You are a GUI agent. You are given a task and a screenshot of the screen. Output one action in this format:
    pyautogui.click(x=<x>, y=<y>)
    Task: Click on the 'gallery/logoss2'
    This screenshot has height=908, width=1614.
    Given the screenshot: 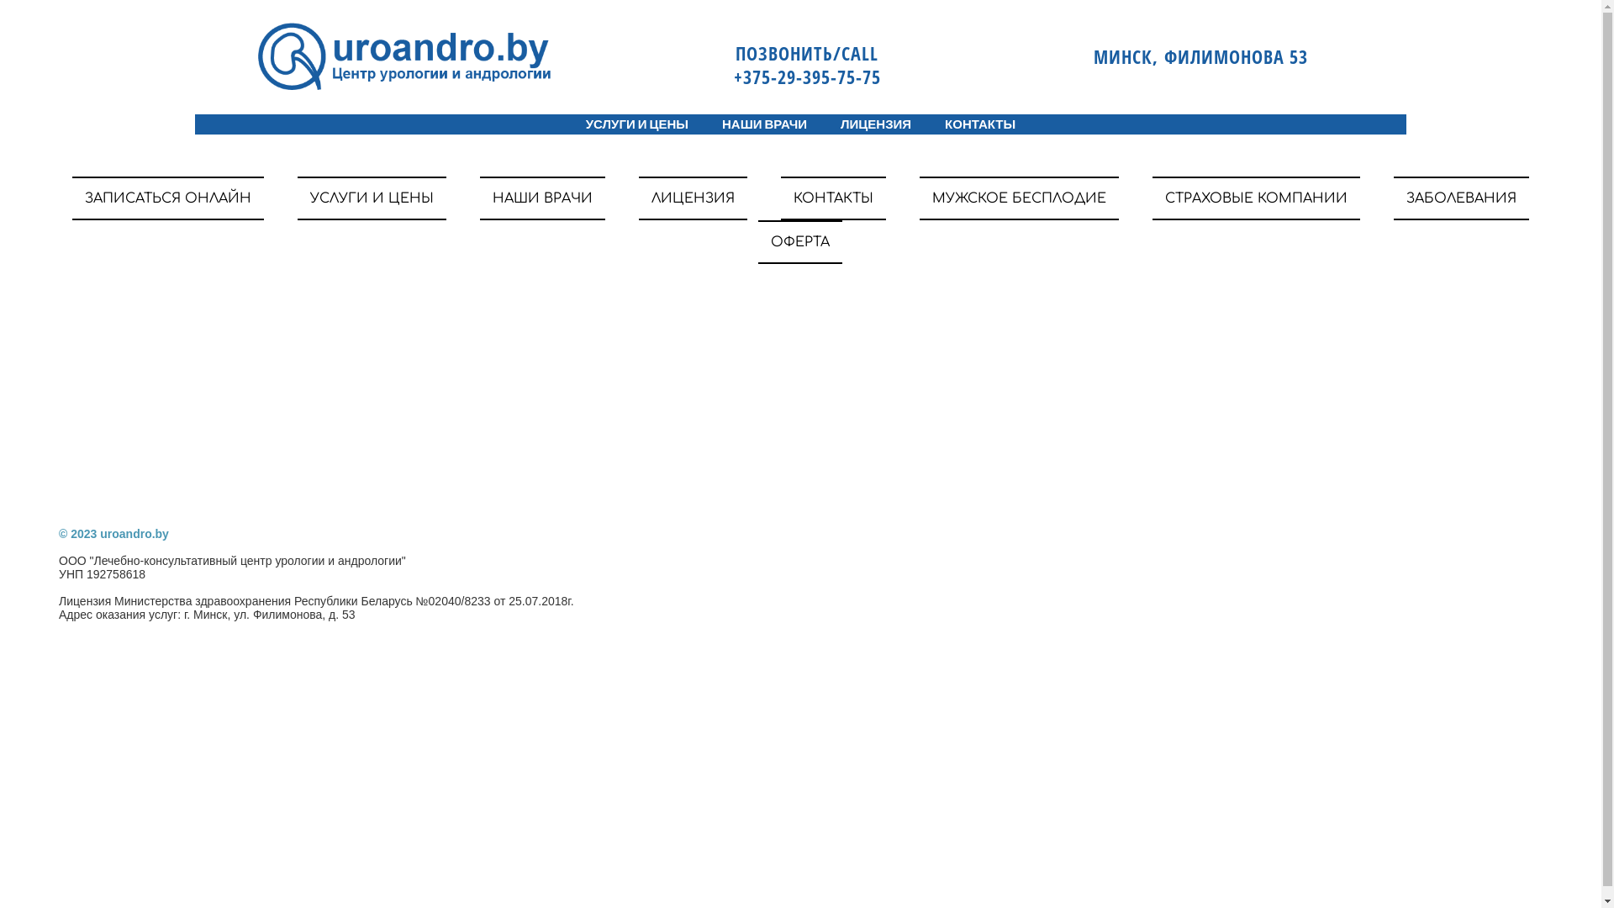 What is the action you would take?
    pyautogui.click(x=404, y=55)
    